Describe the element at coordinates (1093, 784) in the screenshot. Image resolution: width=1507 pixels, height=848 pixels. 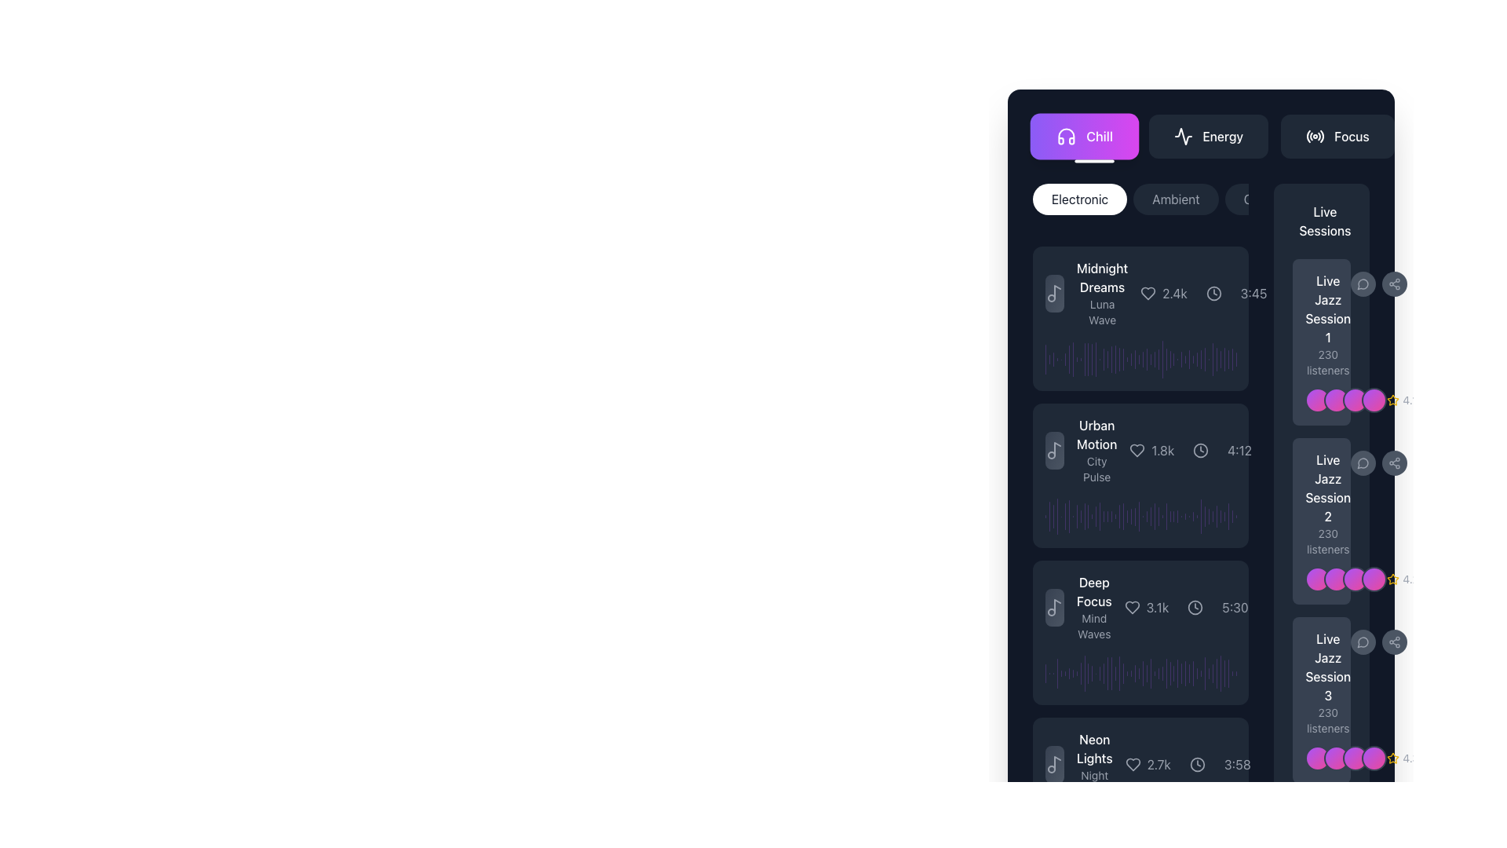
I see `the subtitle text label that provides additional descriptive information for the 'Neon Lights' entry, located directly below the 'Neon Lights' text element` at that location.